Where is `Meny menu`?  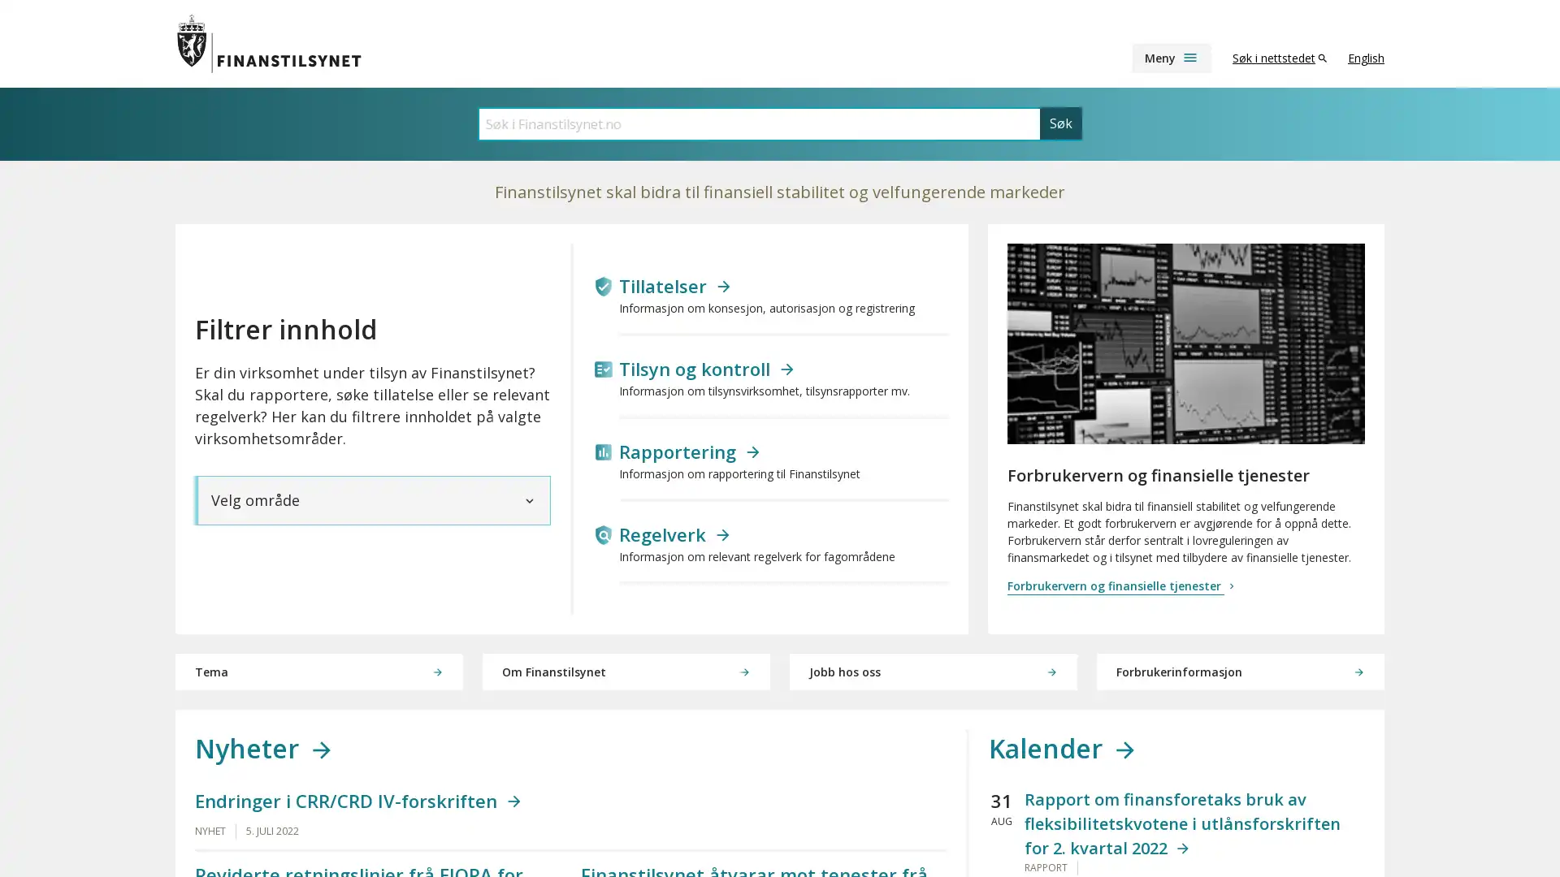 Meny menu is located at coordinates (1171, 56).